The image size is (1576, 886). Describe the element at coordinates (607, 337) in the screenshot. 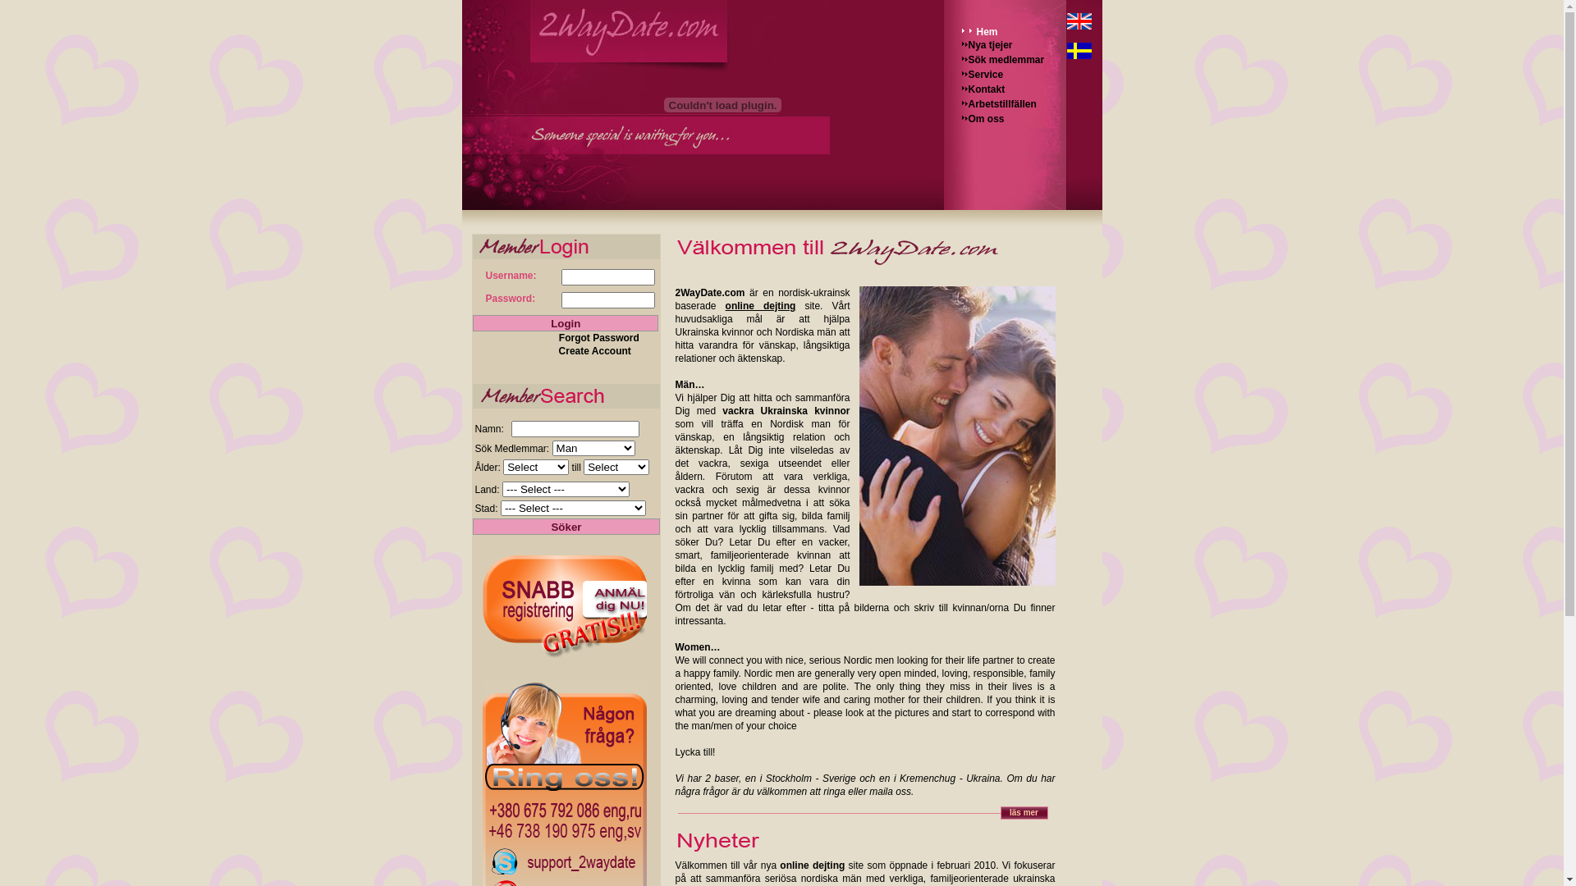

I see `'Forgot Password       '` at that location.